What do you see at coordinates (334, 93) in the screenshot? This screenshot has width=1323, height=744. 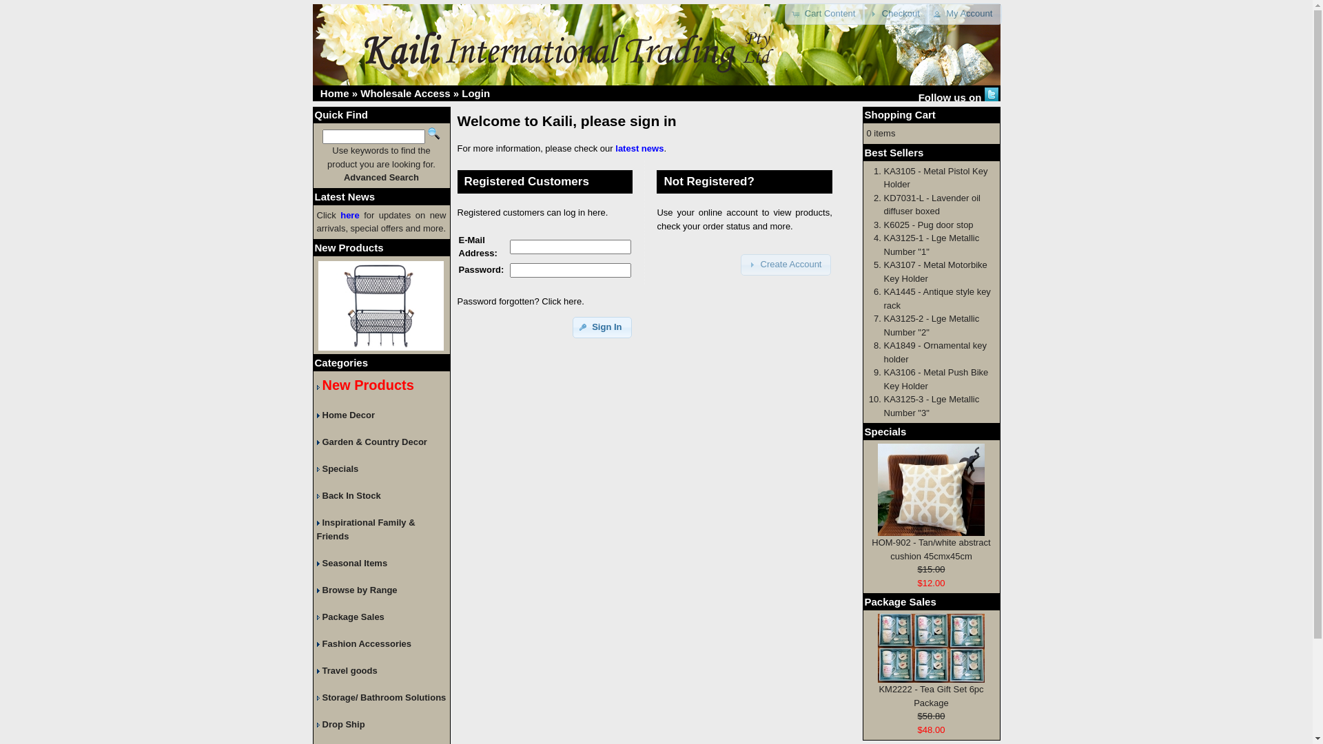 I see `'Home'` at bounding box center [334, 93].